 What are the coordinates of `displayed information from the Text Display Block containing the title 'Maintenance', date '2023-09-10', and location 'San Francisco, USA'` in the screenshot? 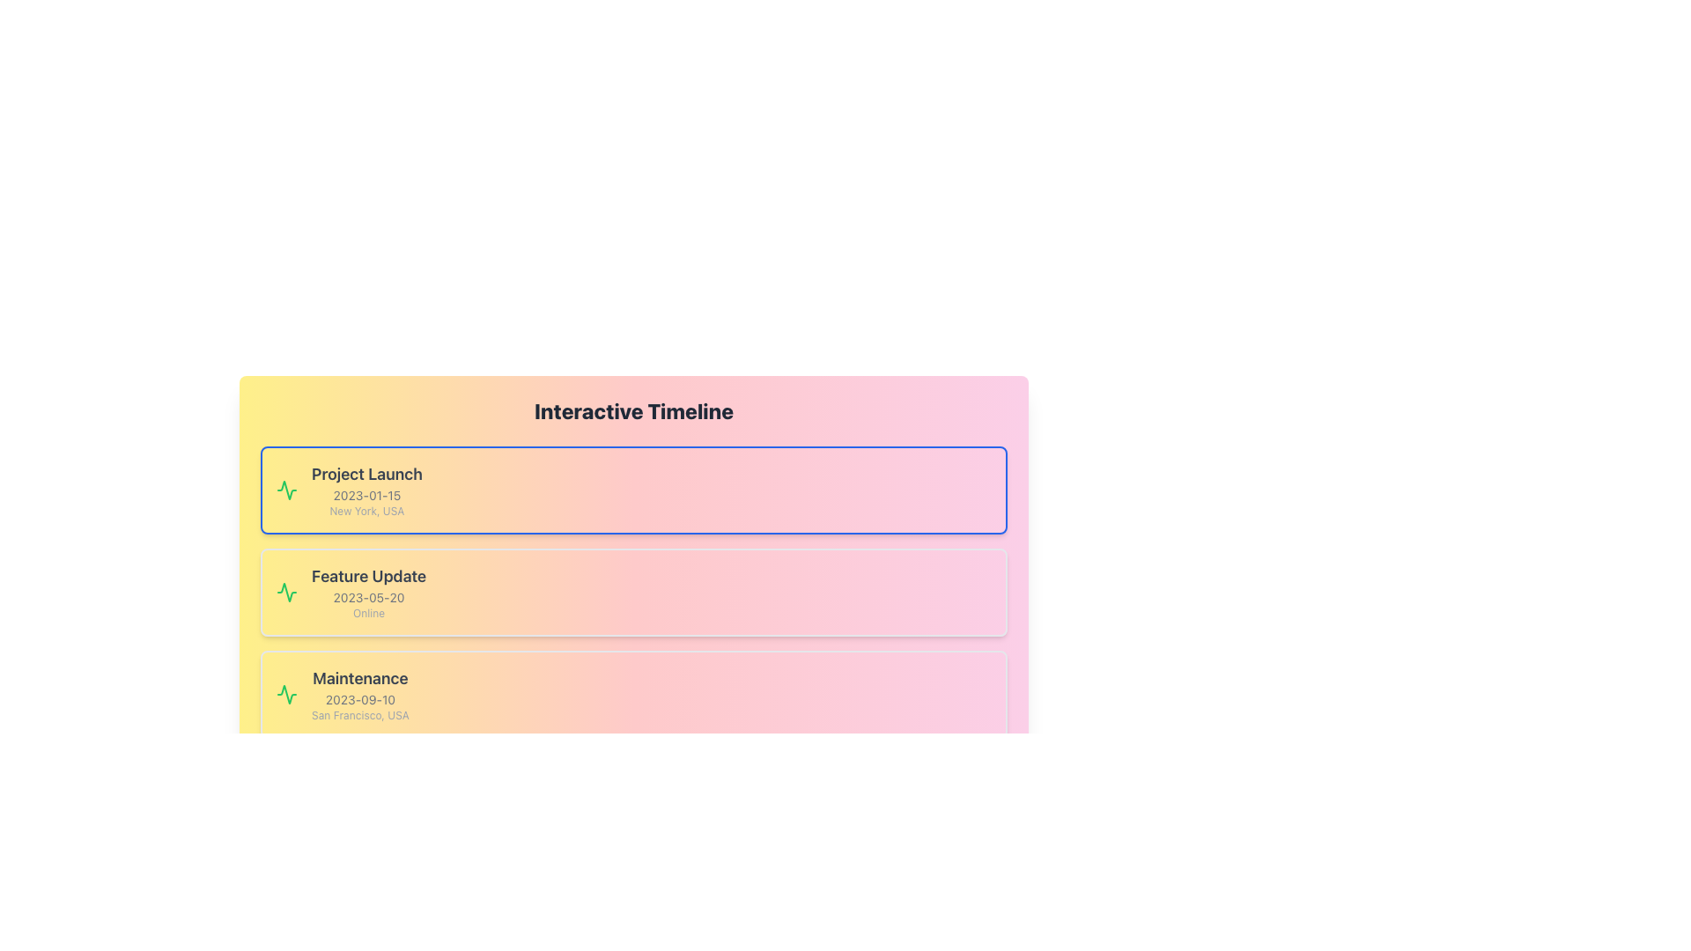 It's located at (359, 694).